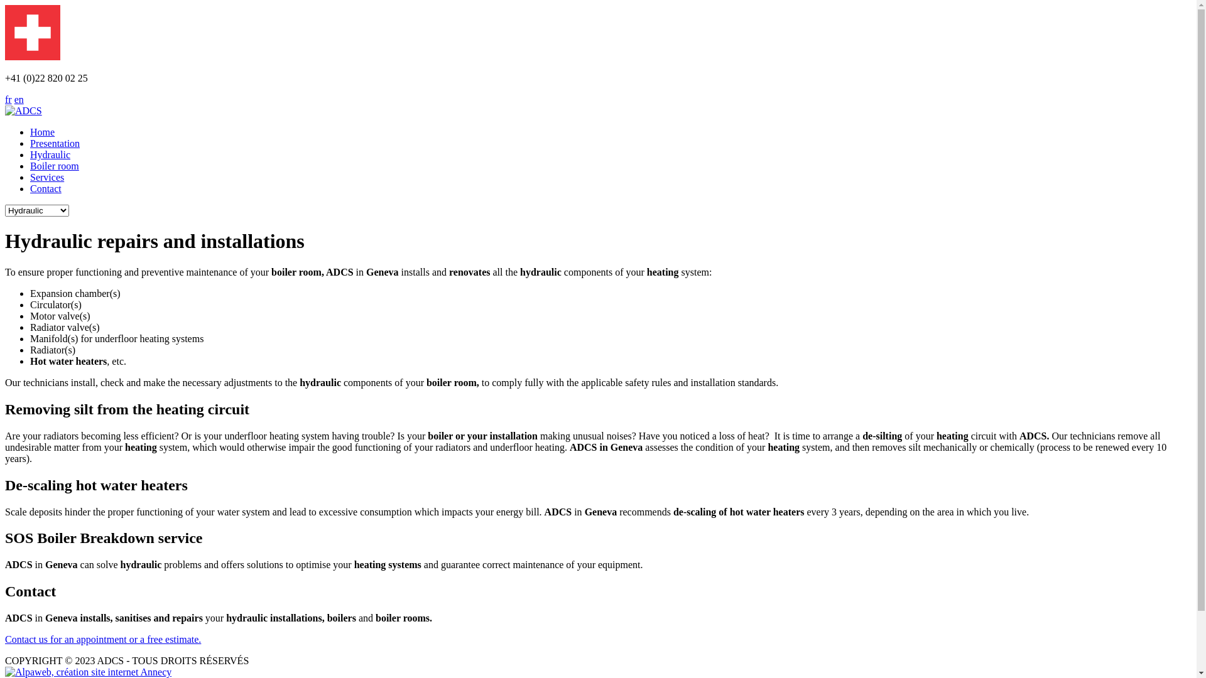  I want to click on 'Boiler room', so click(30, 165).